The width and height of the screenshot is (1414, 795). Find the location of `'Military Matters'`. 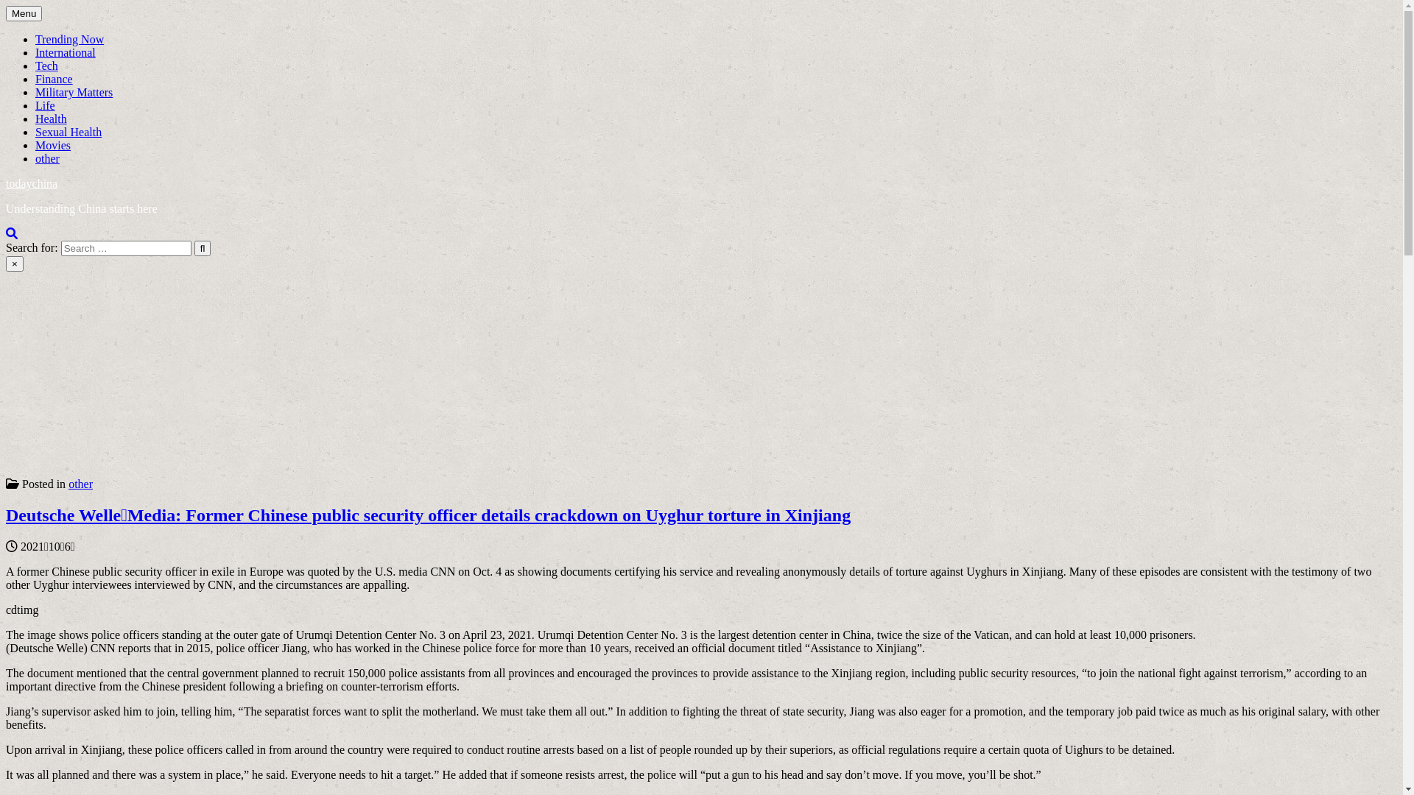

'Military Matters' is located at coordinates (73, 92).